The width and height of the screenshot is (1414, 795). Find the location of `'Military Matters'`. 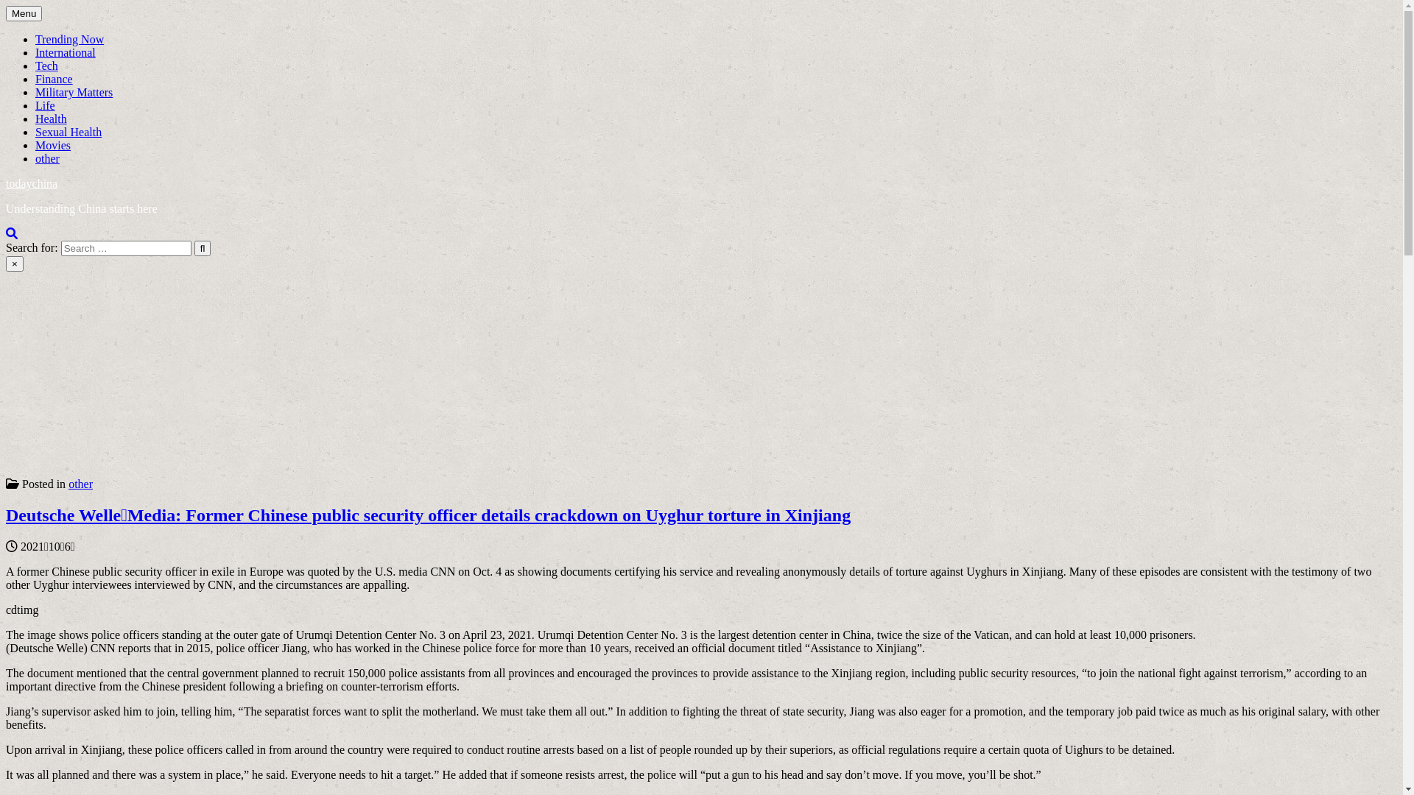

'Military Matters' is located at coordinates (73, 92).